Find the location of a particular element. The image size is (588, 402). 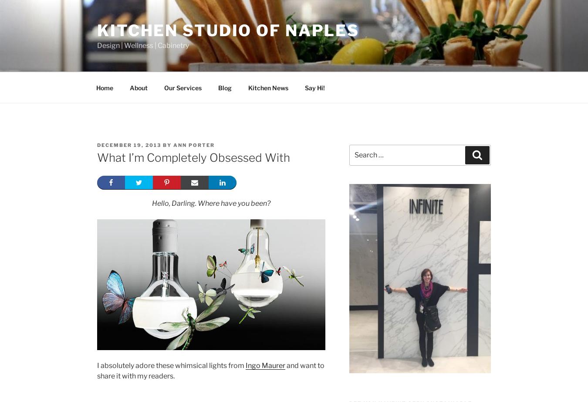

'I absolutely adore these whimsical lights from' is located at coordinates (171, 365).